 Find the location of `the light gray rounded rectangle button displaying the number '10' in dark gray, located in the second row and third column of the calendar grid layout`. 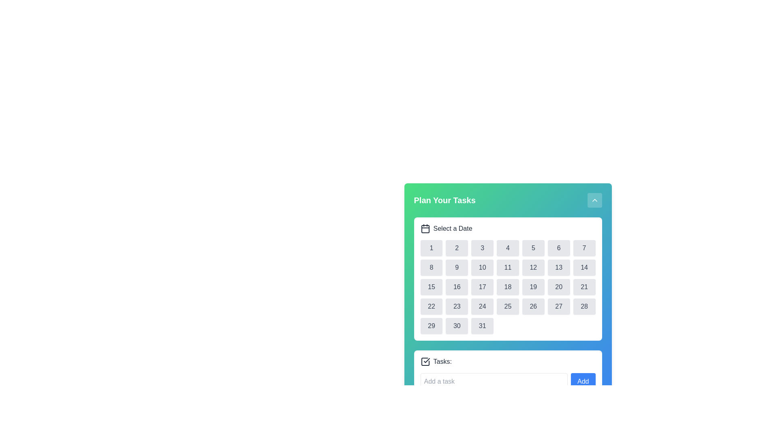

the light gray rounded rectangle button displaying the number '10' in dark gray, located in the second row and third column of the calendar grid layout is located at coordinates (482, 267).